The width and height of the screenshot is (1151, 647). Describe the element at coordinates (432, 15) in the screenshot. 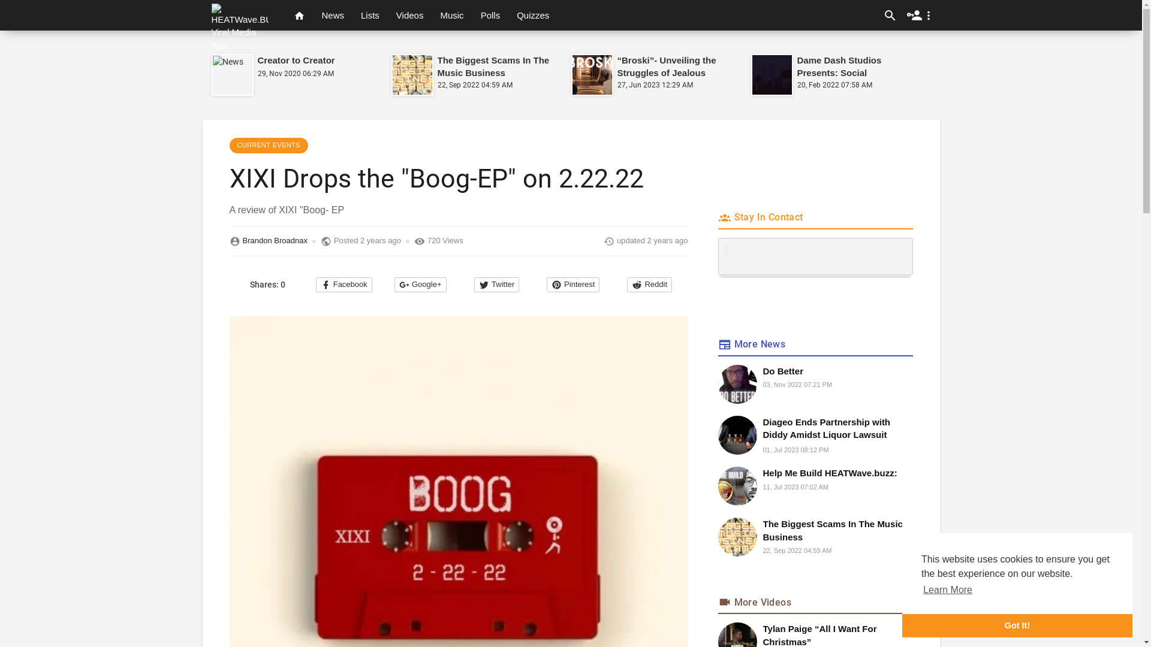

I see `'Music'` at that location.